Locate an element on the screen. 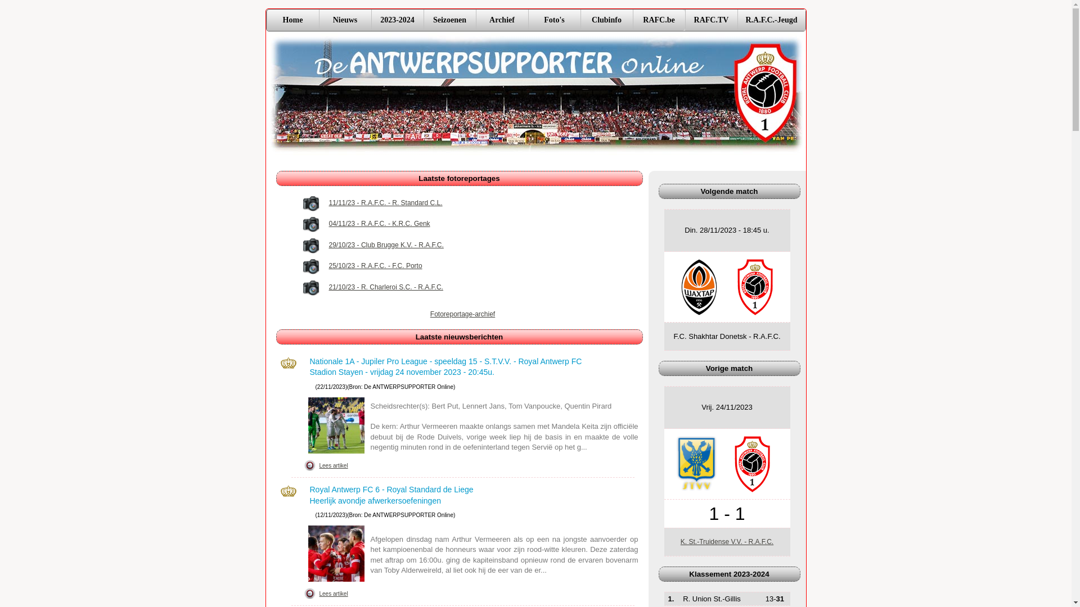  '29/10/23 - Club Brugge K.V. - R.A.F.C.' is located at coordinates (386, 244).